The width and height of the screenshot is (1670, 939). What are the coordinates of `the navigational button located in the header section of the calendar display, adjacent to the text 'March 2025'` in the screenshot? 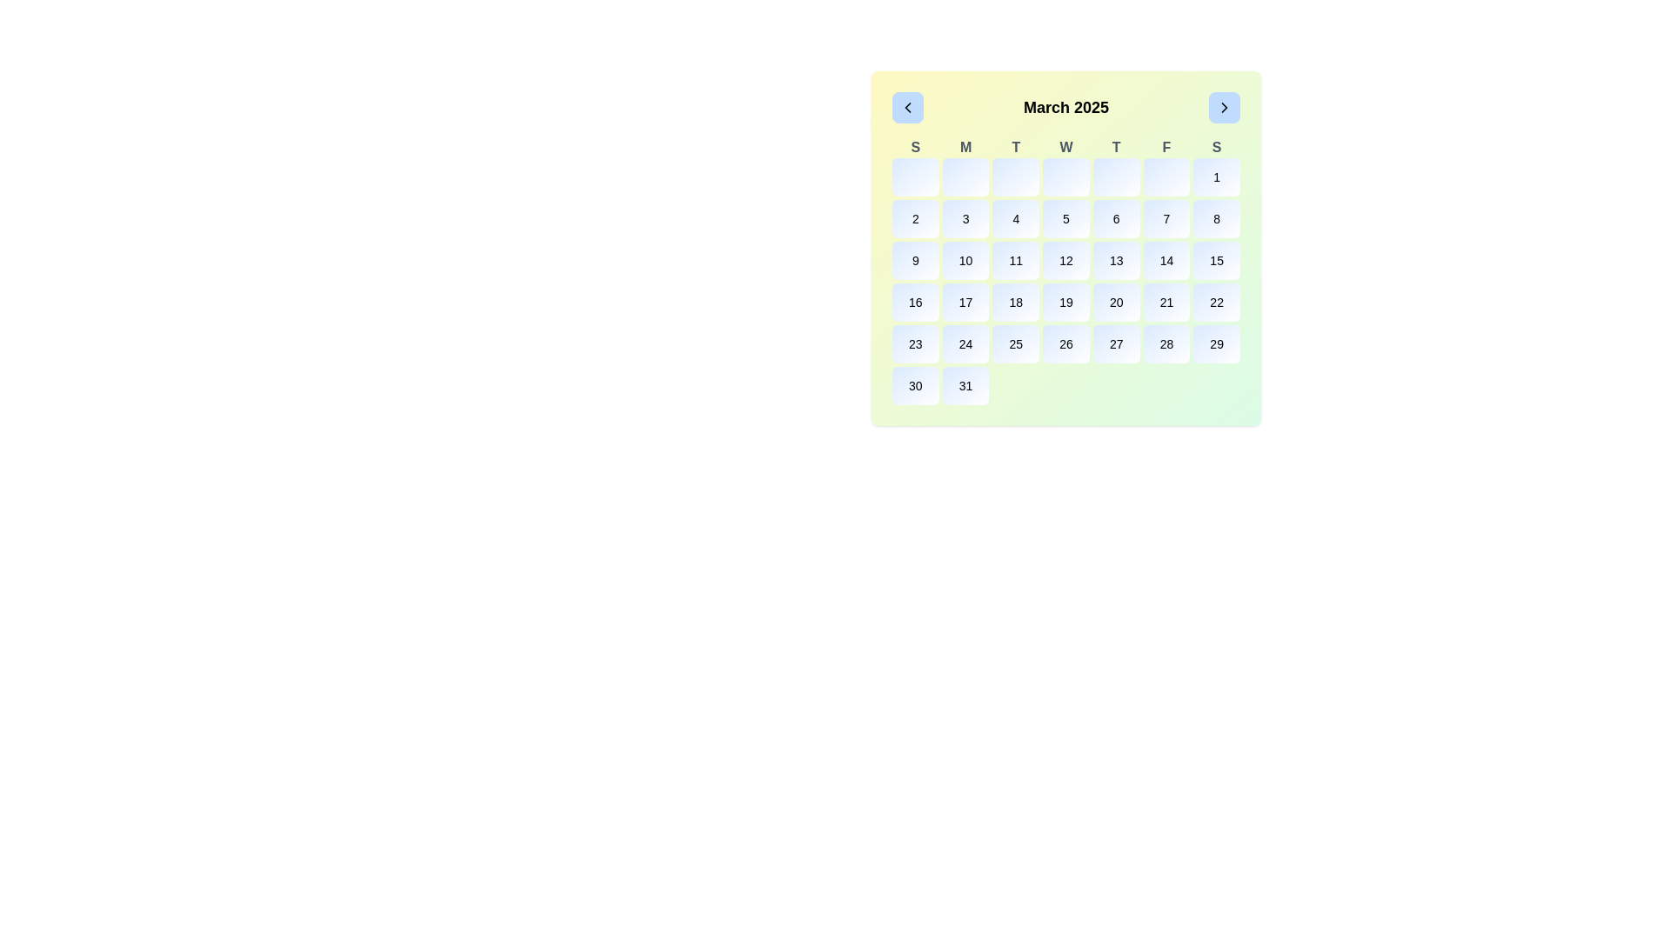 It's located at (1223, 107).